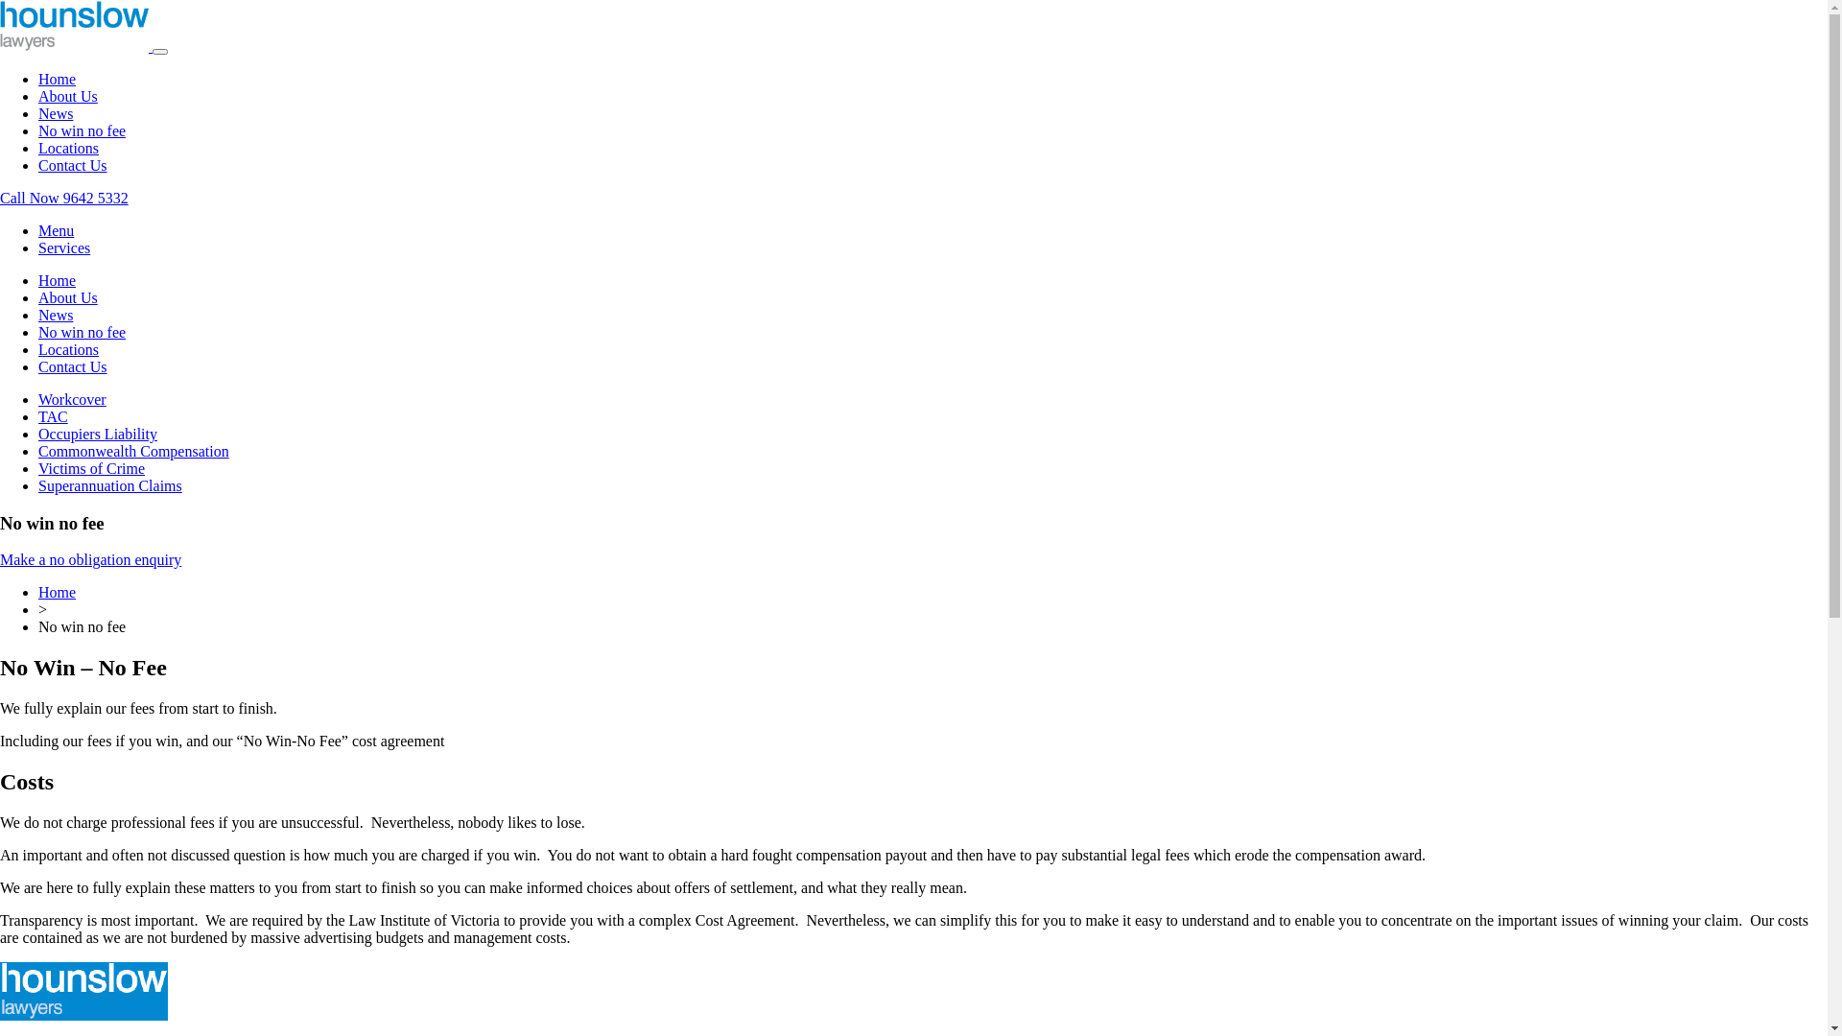 The image size is (1842, 1036). Describe the element at coordinates (68, 297) in the screenshot. I see `'About Us'` at that location.